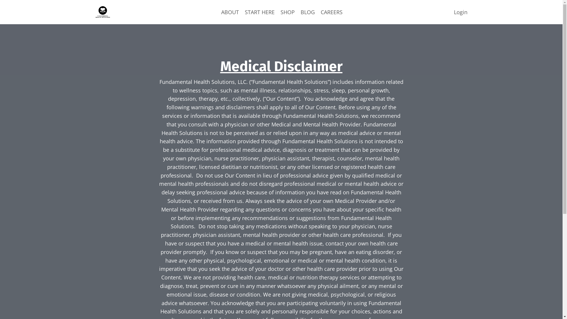 The height and width of the screenshot is (319, 567). Describe the element at coordinates (320, 12) in the screenshot. I see `'CAREERS'` at that location.